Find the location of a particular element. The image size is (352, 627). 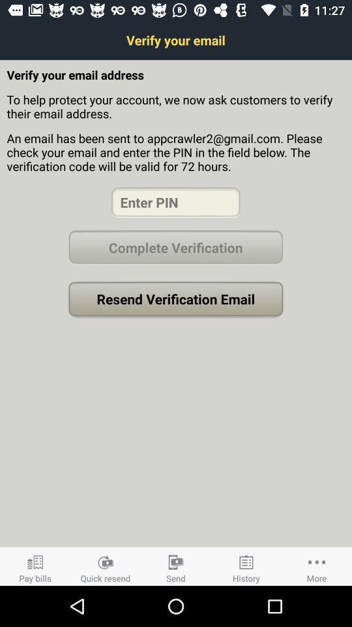

the button above resend verification email is located at coordinates (175, 247).